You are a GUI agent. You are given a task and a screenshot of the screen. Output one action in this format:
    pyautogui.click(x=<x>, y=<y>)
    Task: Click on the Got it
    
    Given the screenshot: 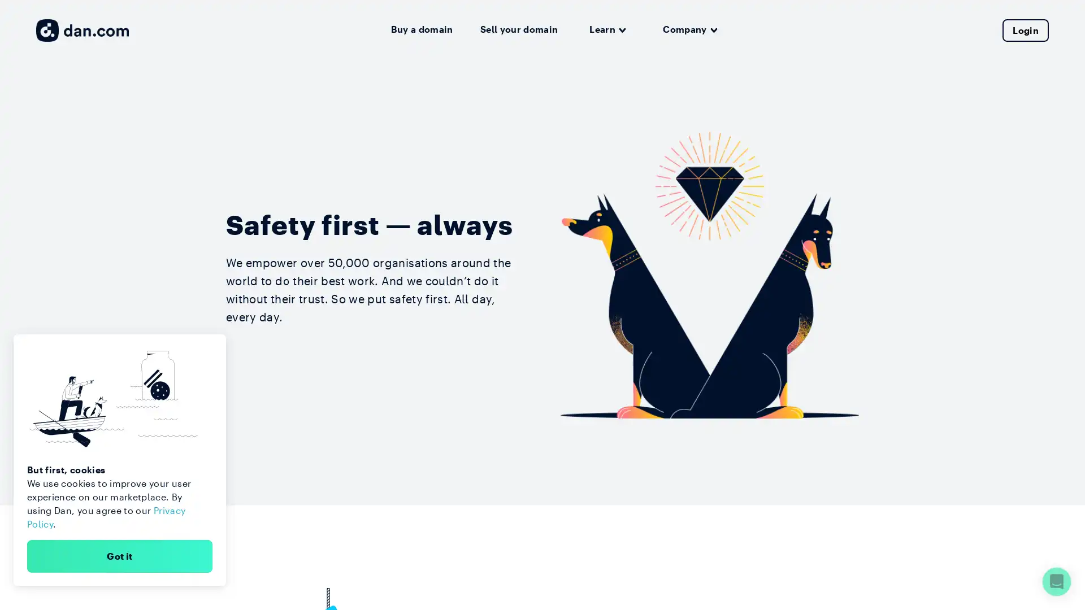 What is the action you would take?
    pyautogui.click(x=119, y=555)
    